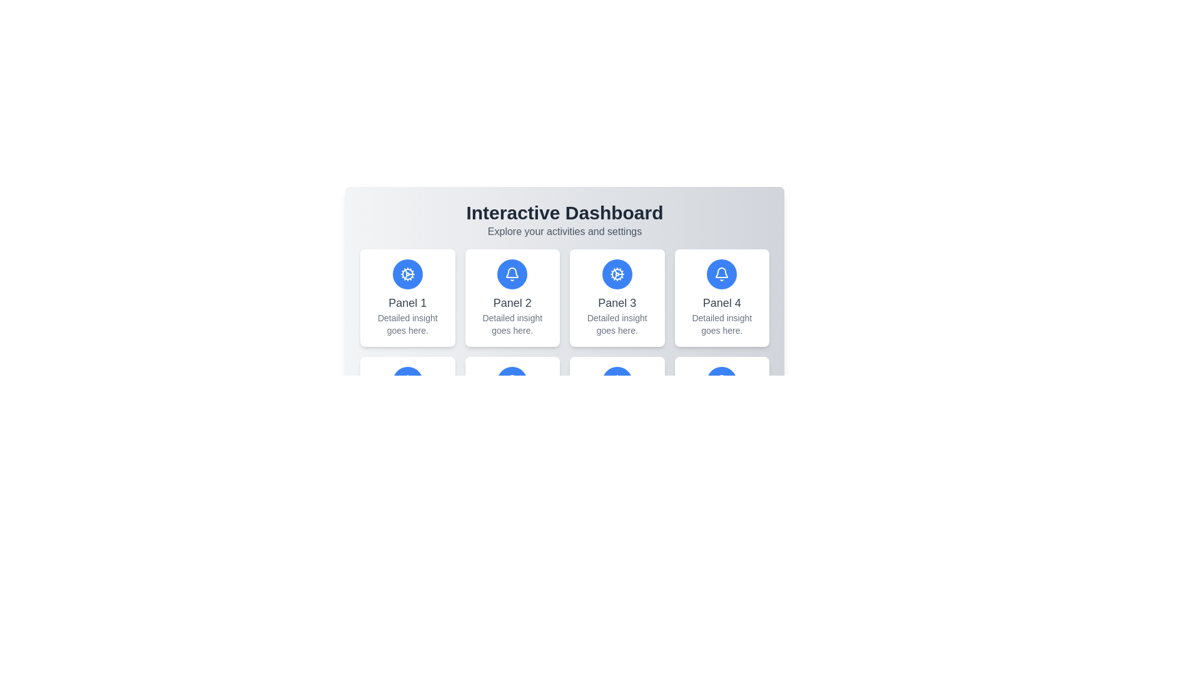 This screenshot has width=1201, height=675. What do you see at coordinates (722, 303) in the screenshot?
I see `the text label displaying 'Panel 4', which is styled with medium font weight and is gray in color, located below the blue circular icon with a white bell symbol` at bounding box center [722, 303].